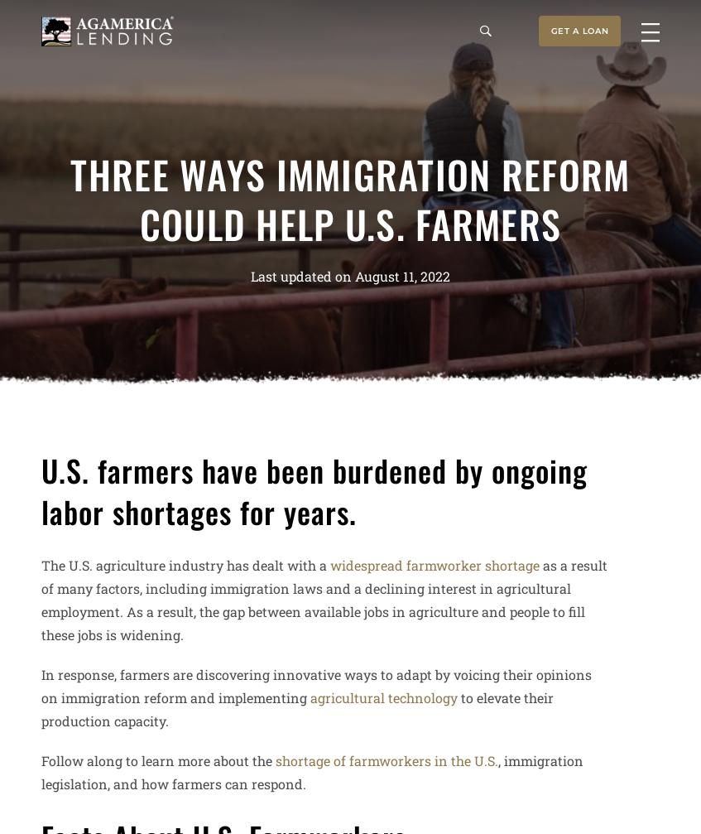  Describe the element at coordinates (185, 563) in the screenshot. I see `'The U.S. agriculture industry has dealt with a'` at that location.